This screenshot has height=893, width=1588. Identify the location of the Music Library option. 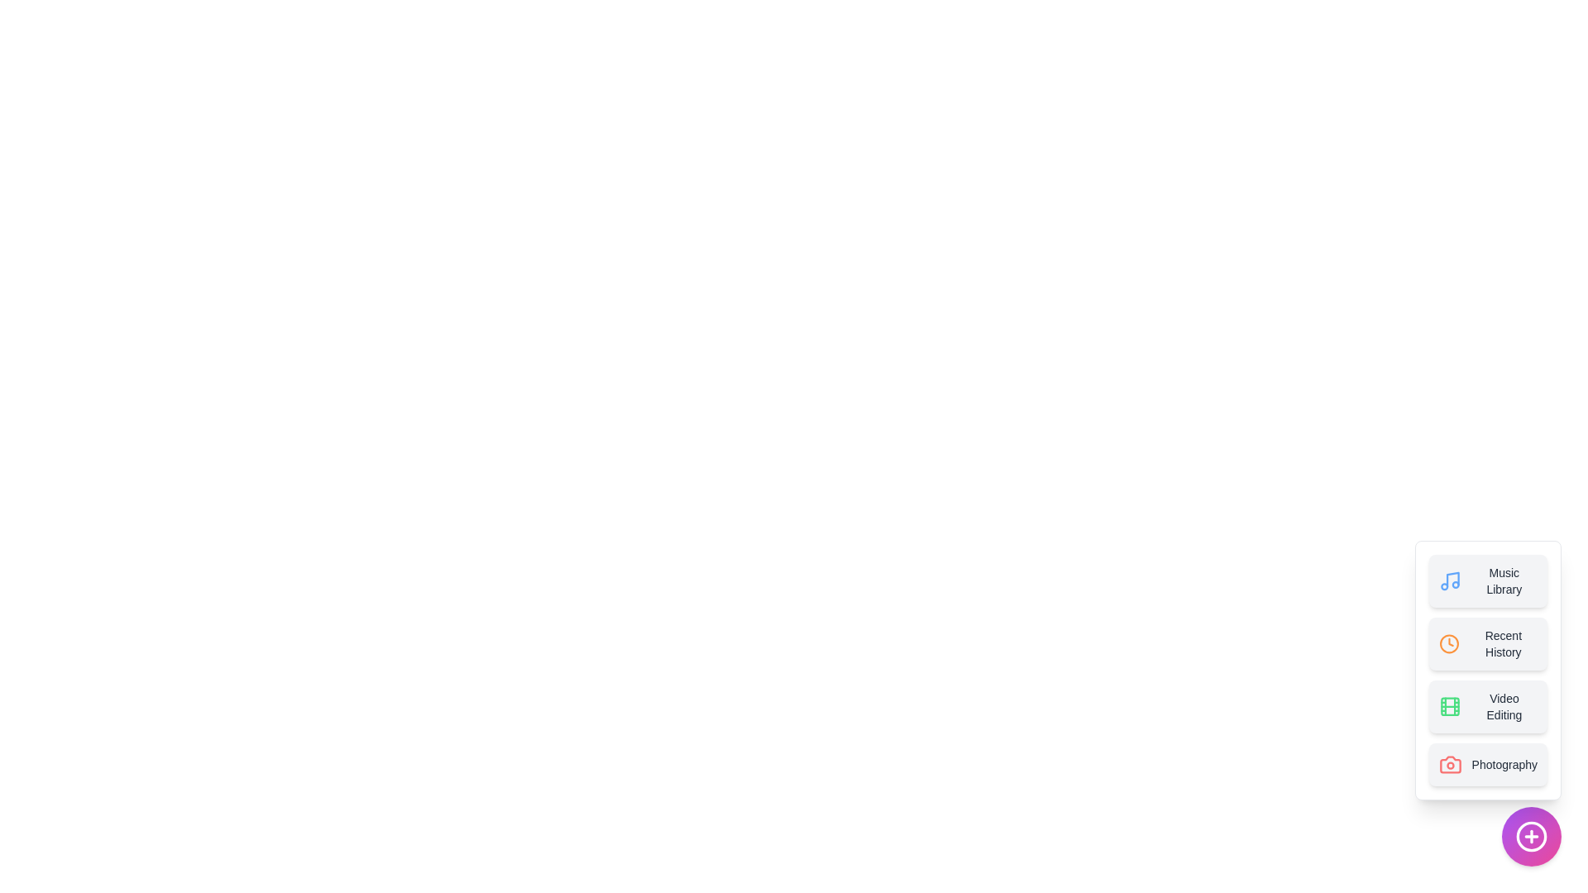
(1488, 580).